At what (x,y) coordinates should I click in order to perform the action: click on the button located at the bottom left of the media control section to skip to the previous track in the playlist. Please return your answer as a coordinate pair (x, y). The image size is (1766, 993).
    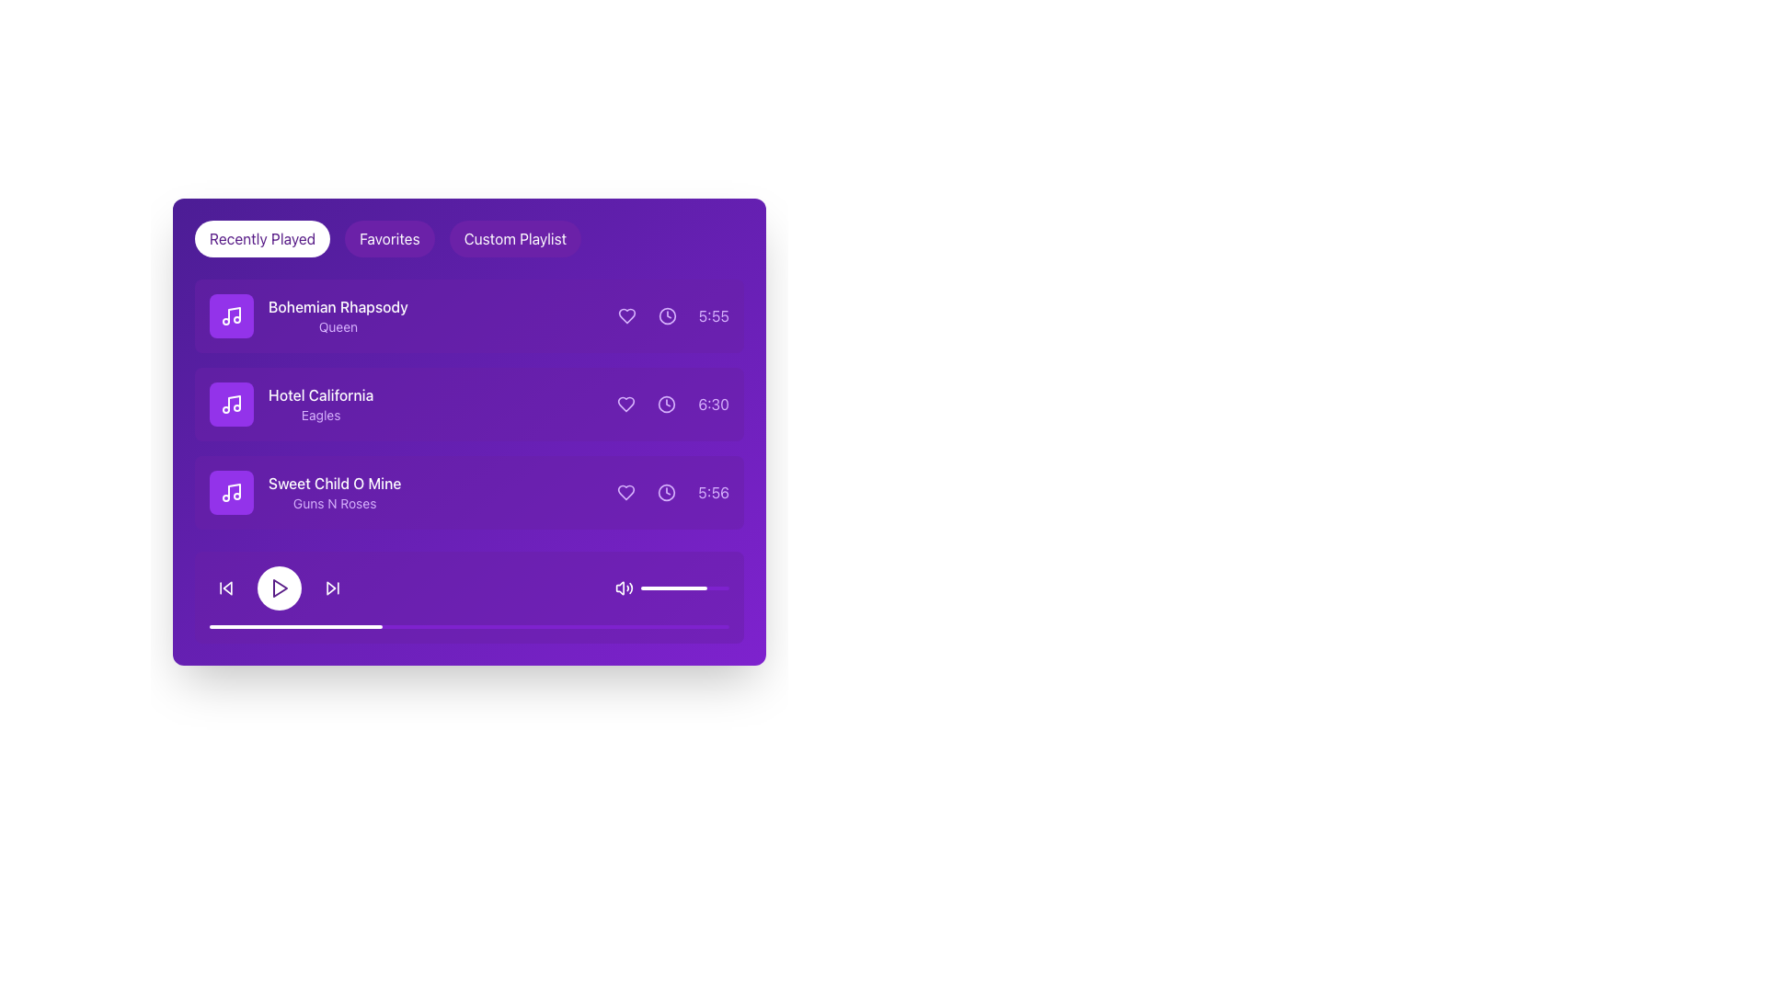
    Looking at the image, I should click on (224, 588).